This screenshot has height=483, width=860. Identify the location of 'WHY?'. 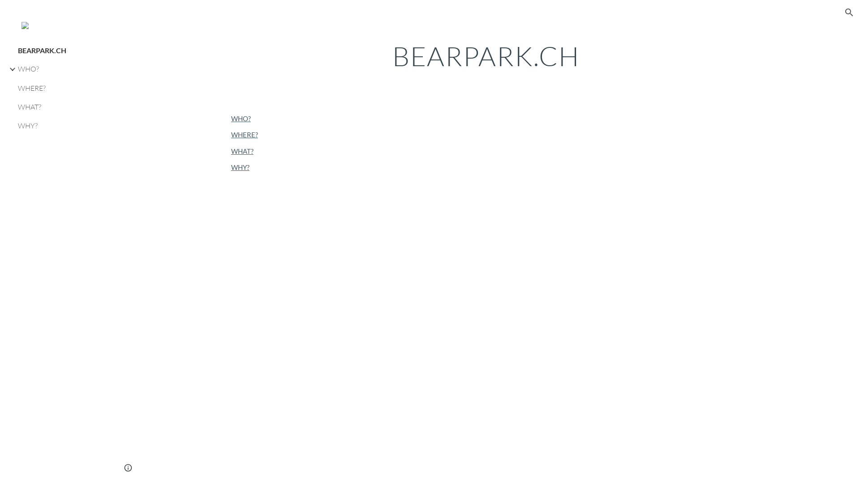
(61, 126).